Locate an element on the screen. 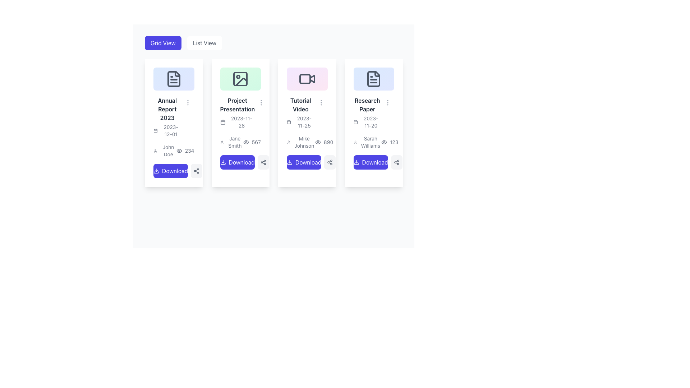 This screenshot has height=388, width=690. the Card element displaying information about a research paper, located in the fourth column of the card grid layout is located at coordinates (374, 118).